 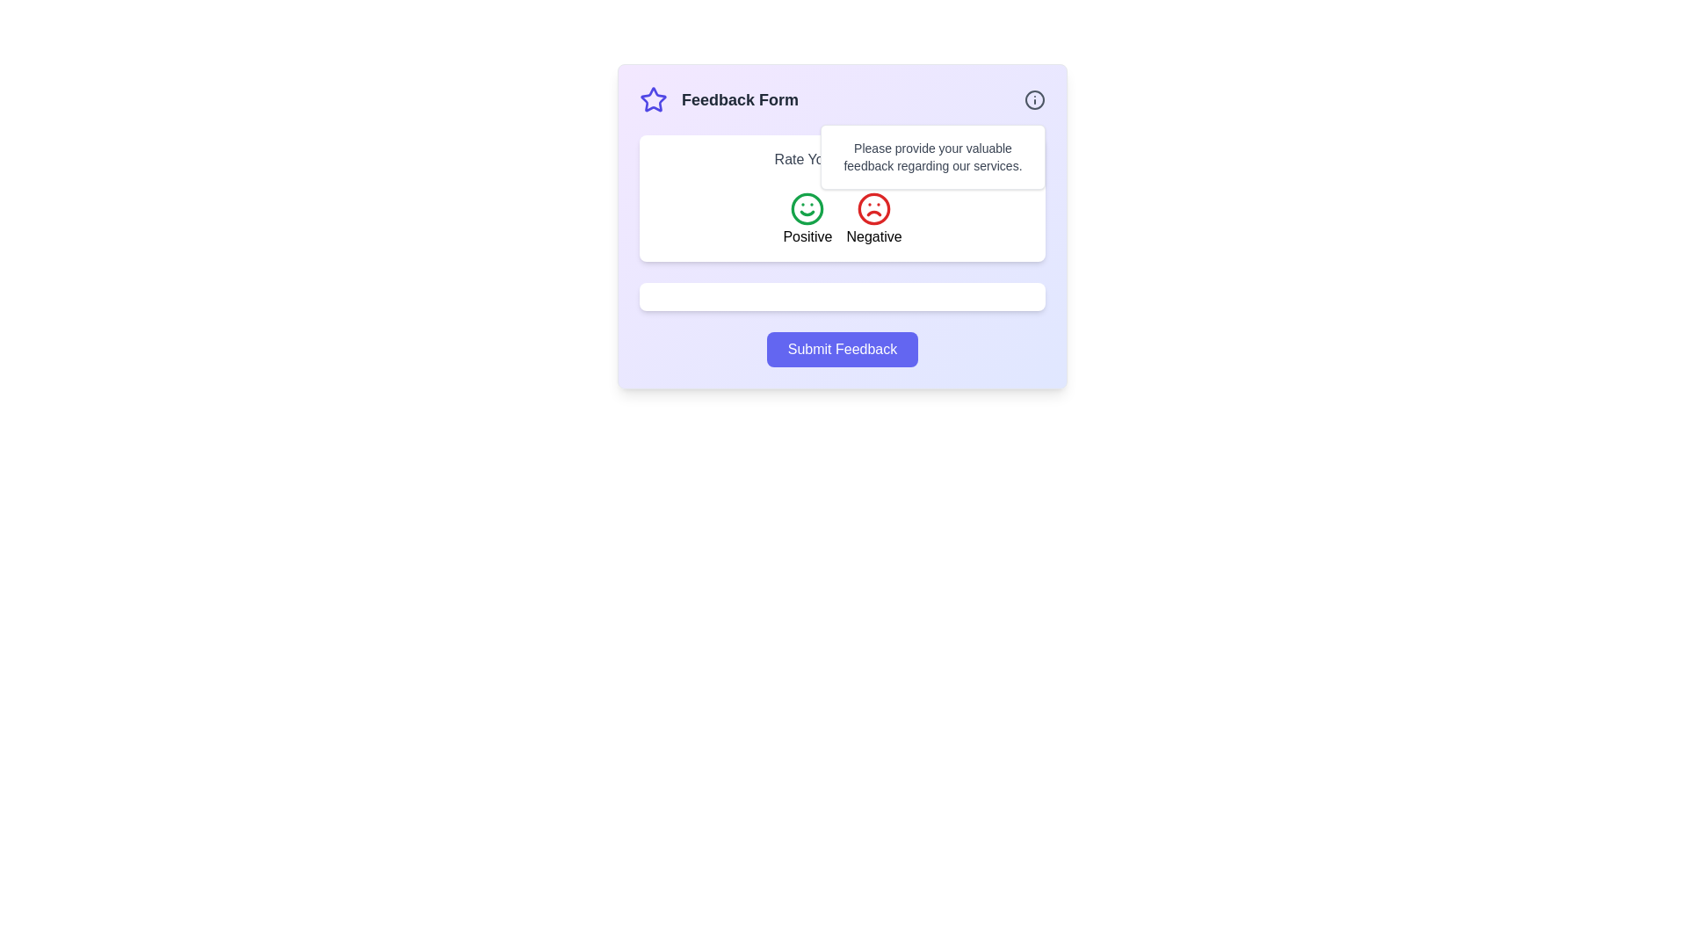 I want to click on the smiley face icon in the feedback form, so click(x=807, y=208).